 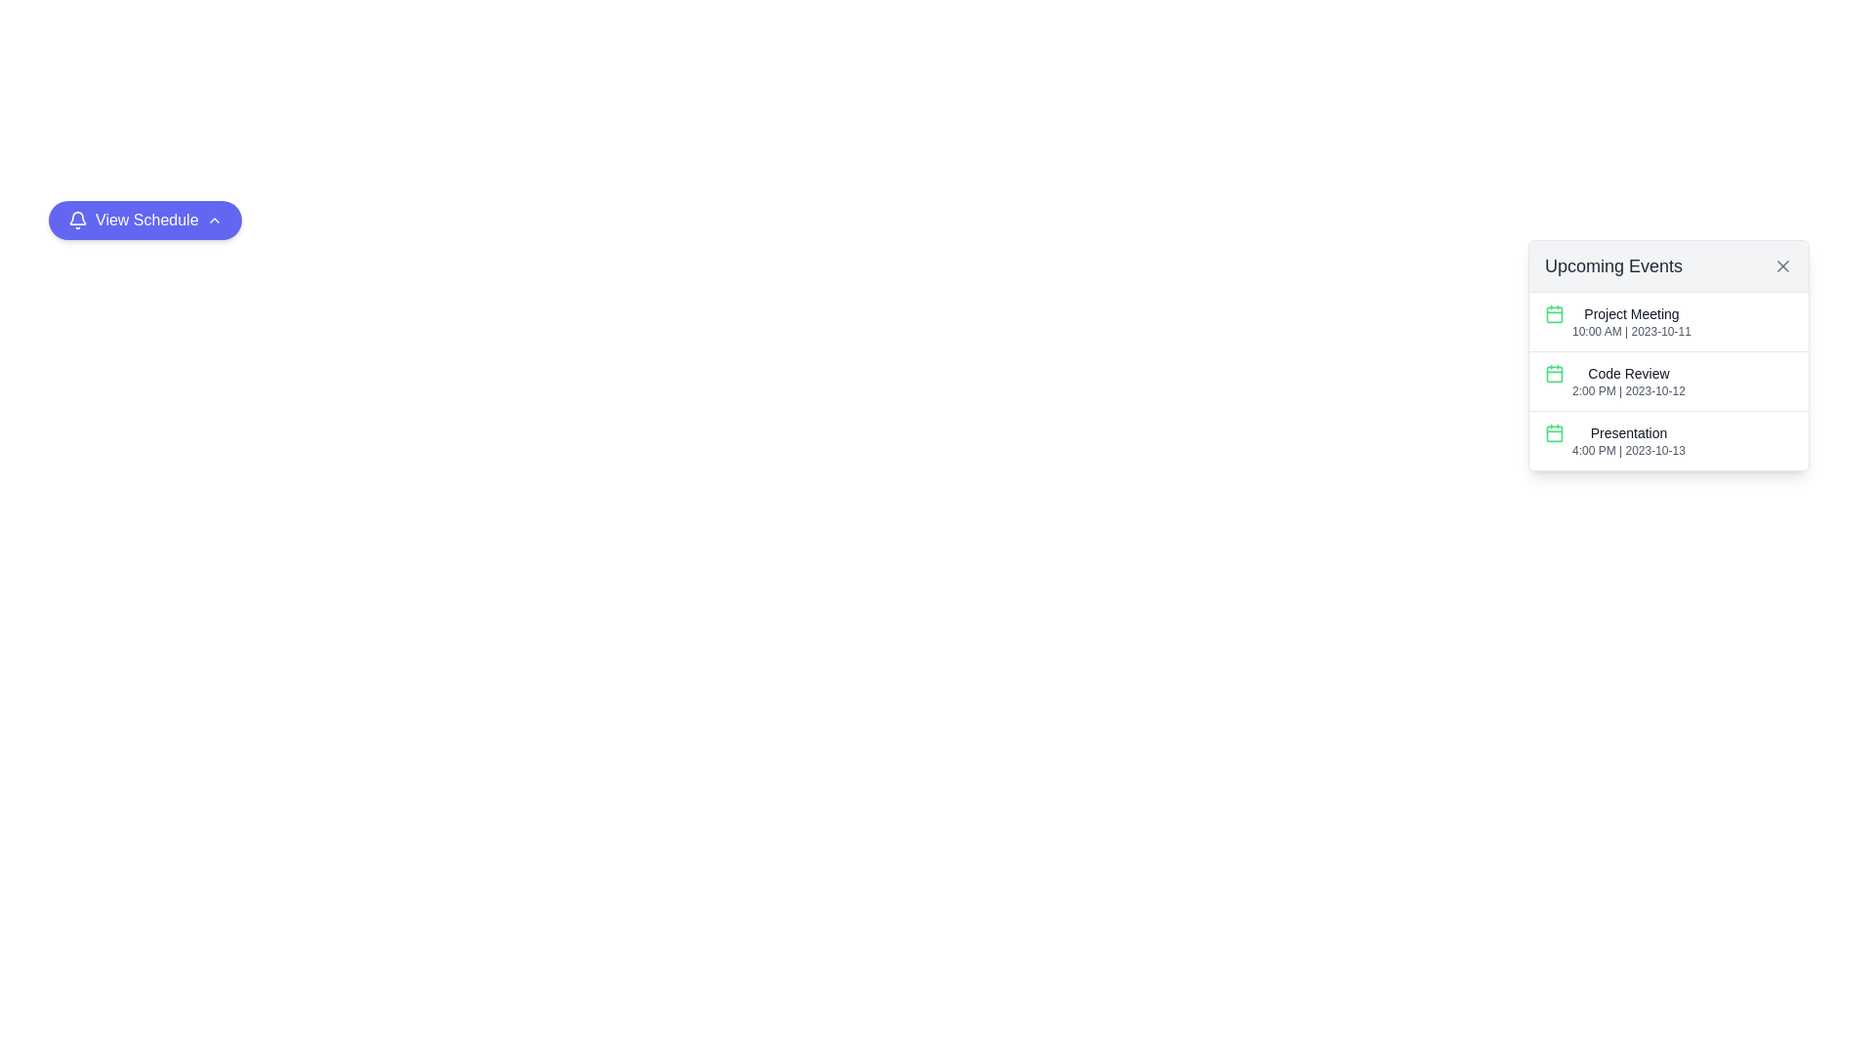 What do you see at coordinates (1667, 440) in the screenshot?
I see `the third list item labeled 'Presentation'` at bounding box center [1667, 440].